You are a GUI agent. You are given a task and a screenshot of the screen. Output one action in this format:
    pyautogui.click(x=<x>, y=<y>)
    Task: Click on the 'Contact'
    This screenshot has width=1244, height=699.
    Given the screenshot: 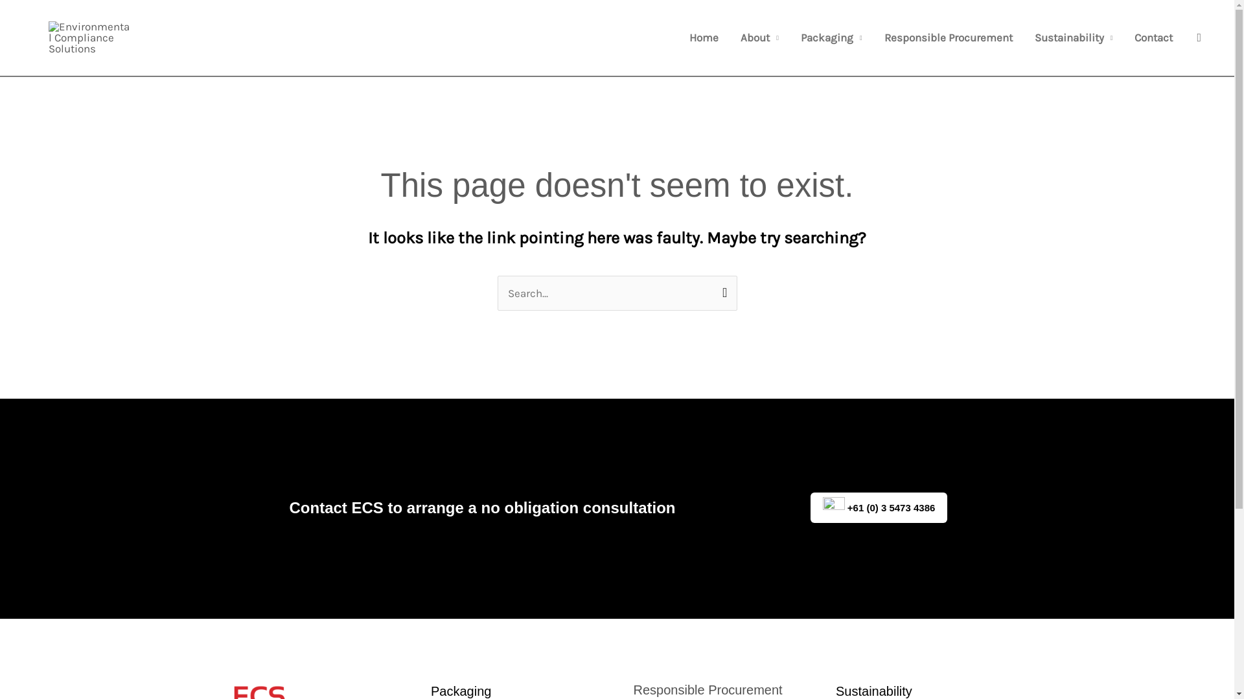 What is the action you would take?
    pyautogui.click(x=1153, y=37)
    